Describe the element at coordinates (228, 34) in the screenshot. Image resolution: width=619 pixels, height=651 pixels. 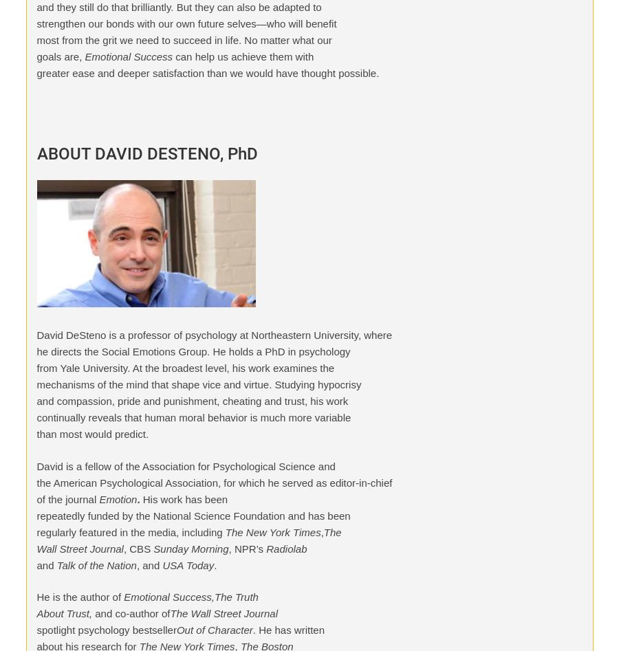
I see `'Coach Certification'` at that location.